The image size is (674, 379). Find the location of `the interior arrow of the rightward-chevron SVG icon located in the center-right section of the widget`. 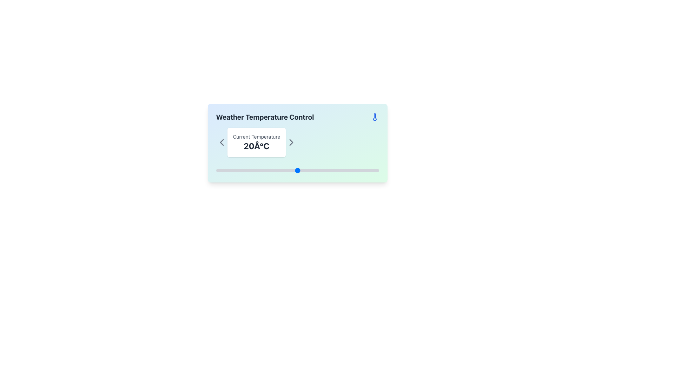

the interior arrow of the rightward-chevron SVG icon located in the center-right section of the widget is located at coordinates (291, 142).